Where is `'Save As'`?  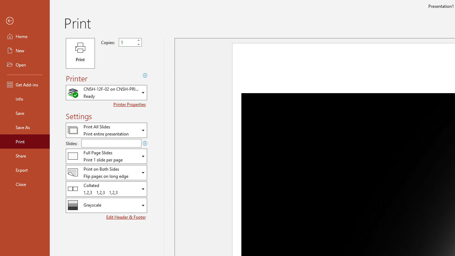
'Save As' is located at coordinates (25, 127).